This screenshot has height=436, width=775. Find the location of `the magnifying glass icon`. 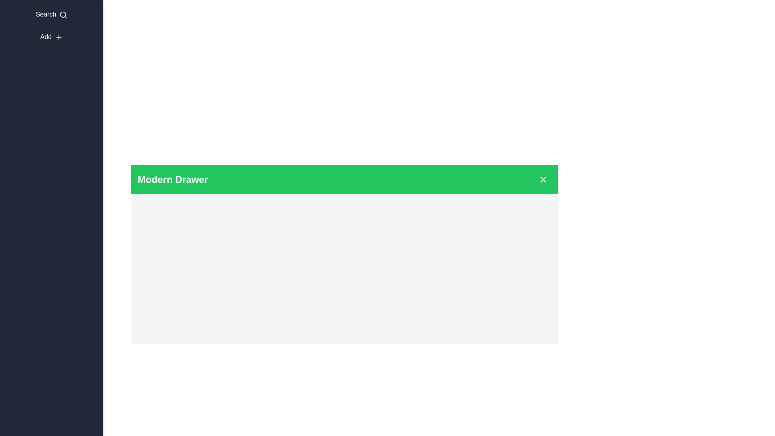

the magnifying glass icon is located at coordinates (63, 15).